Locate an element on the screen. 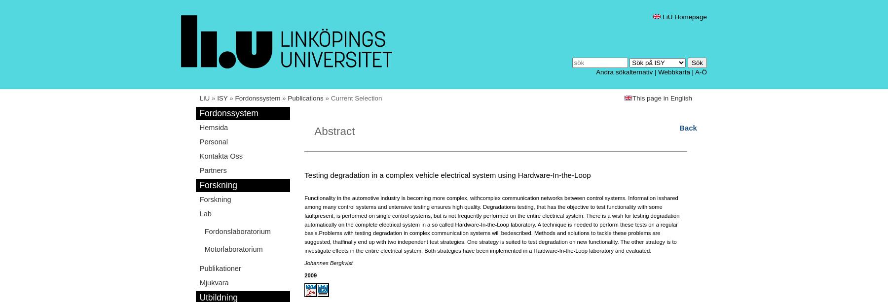 This screenshot has height=302, width=888. 'Kontakta Oss' is located at coordinates (199, 155).